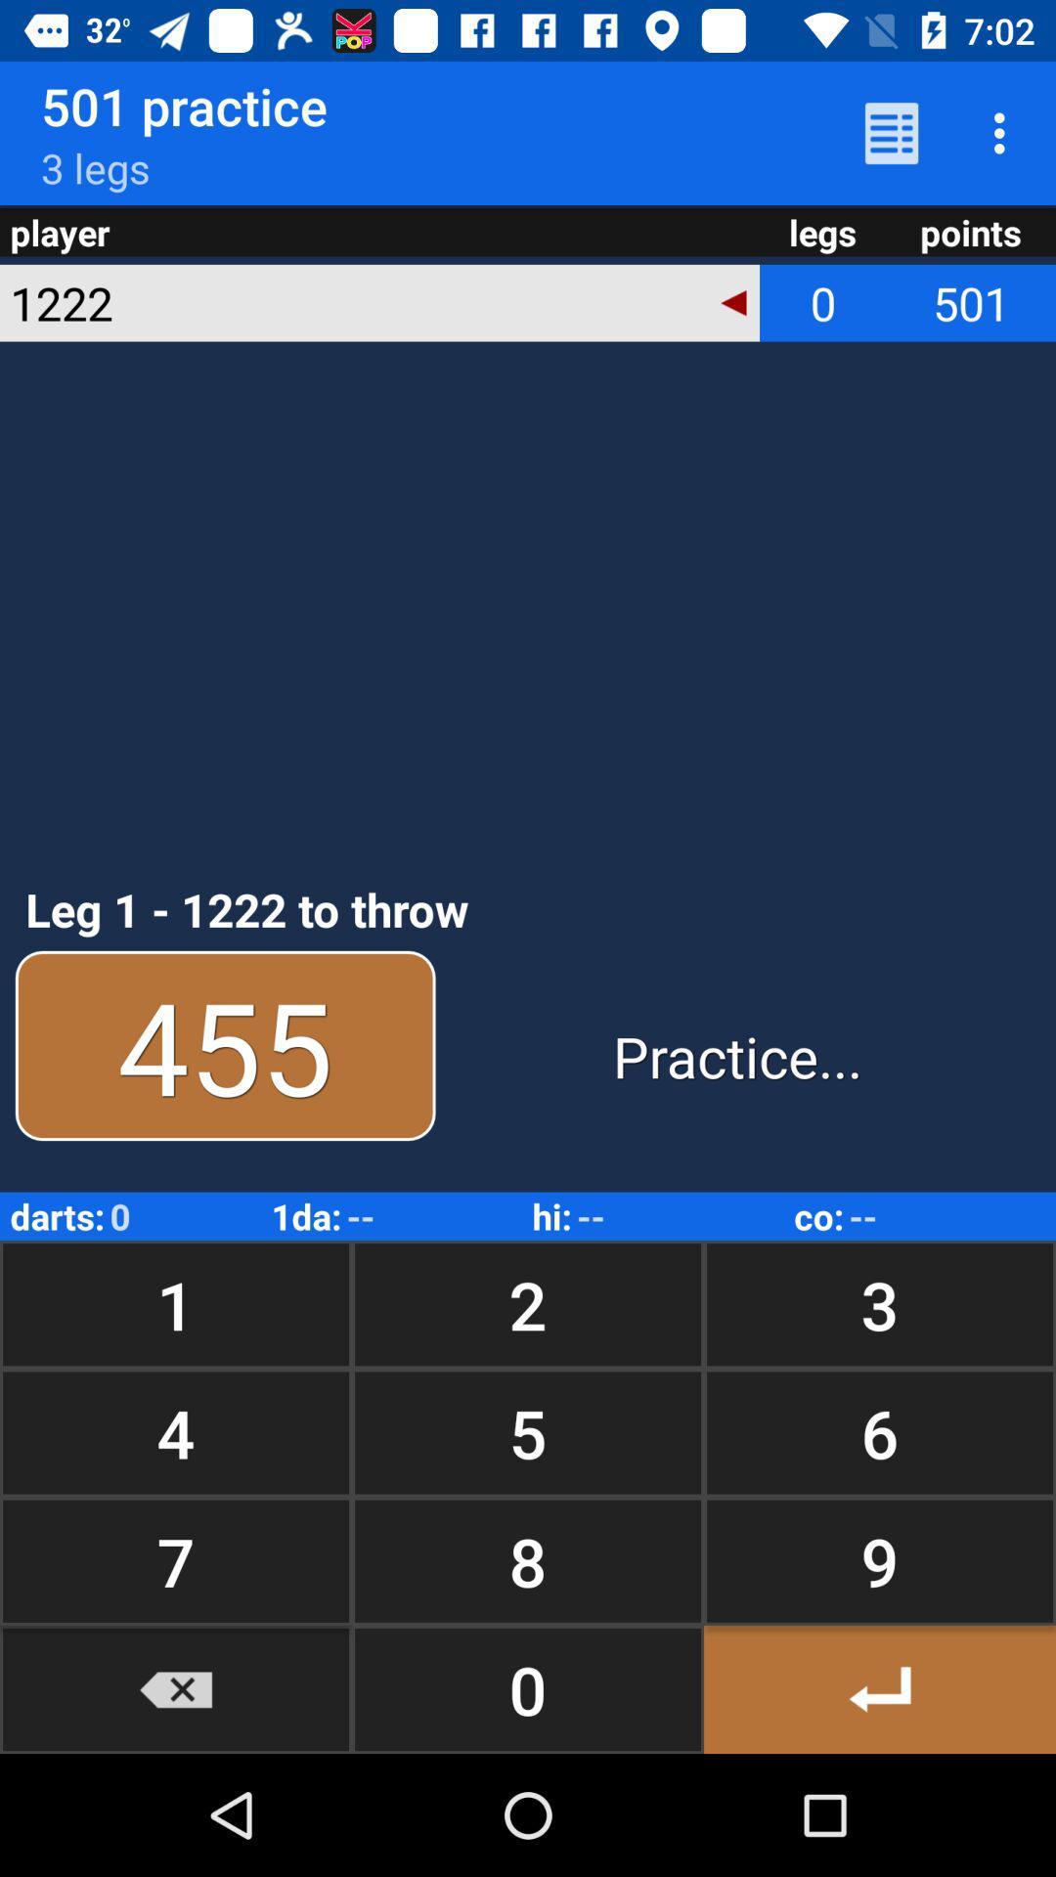  I want to click on button, so click(878, 1688).